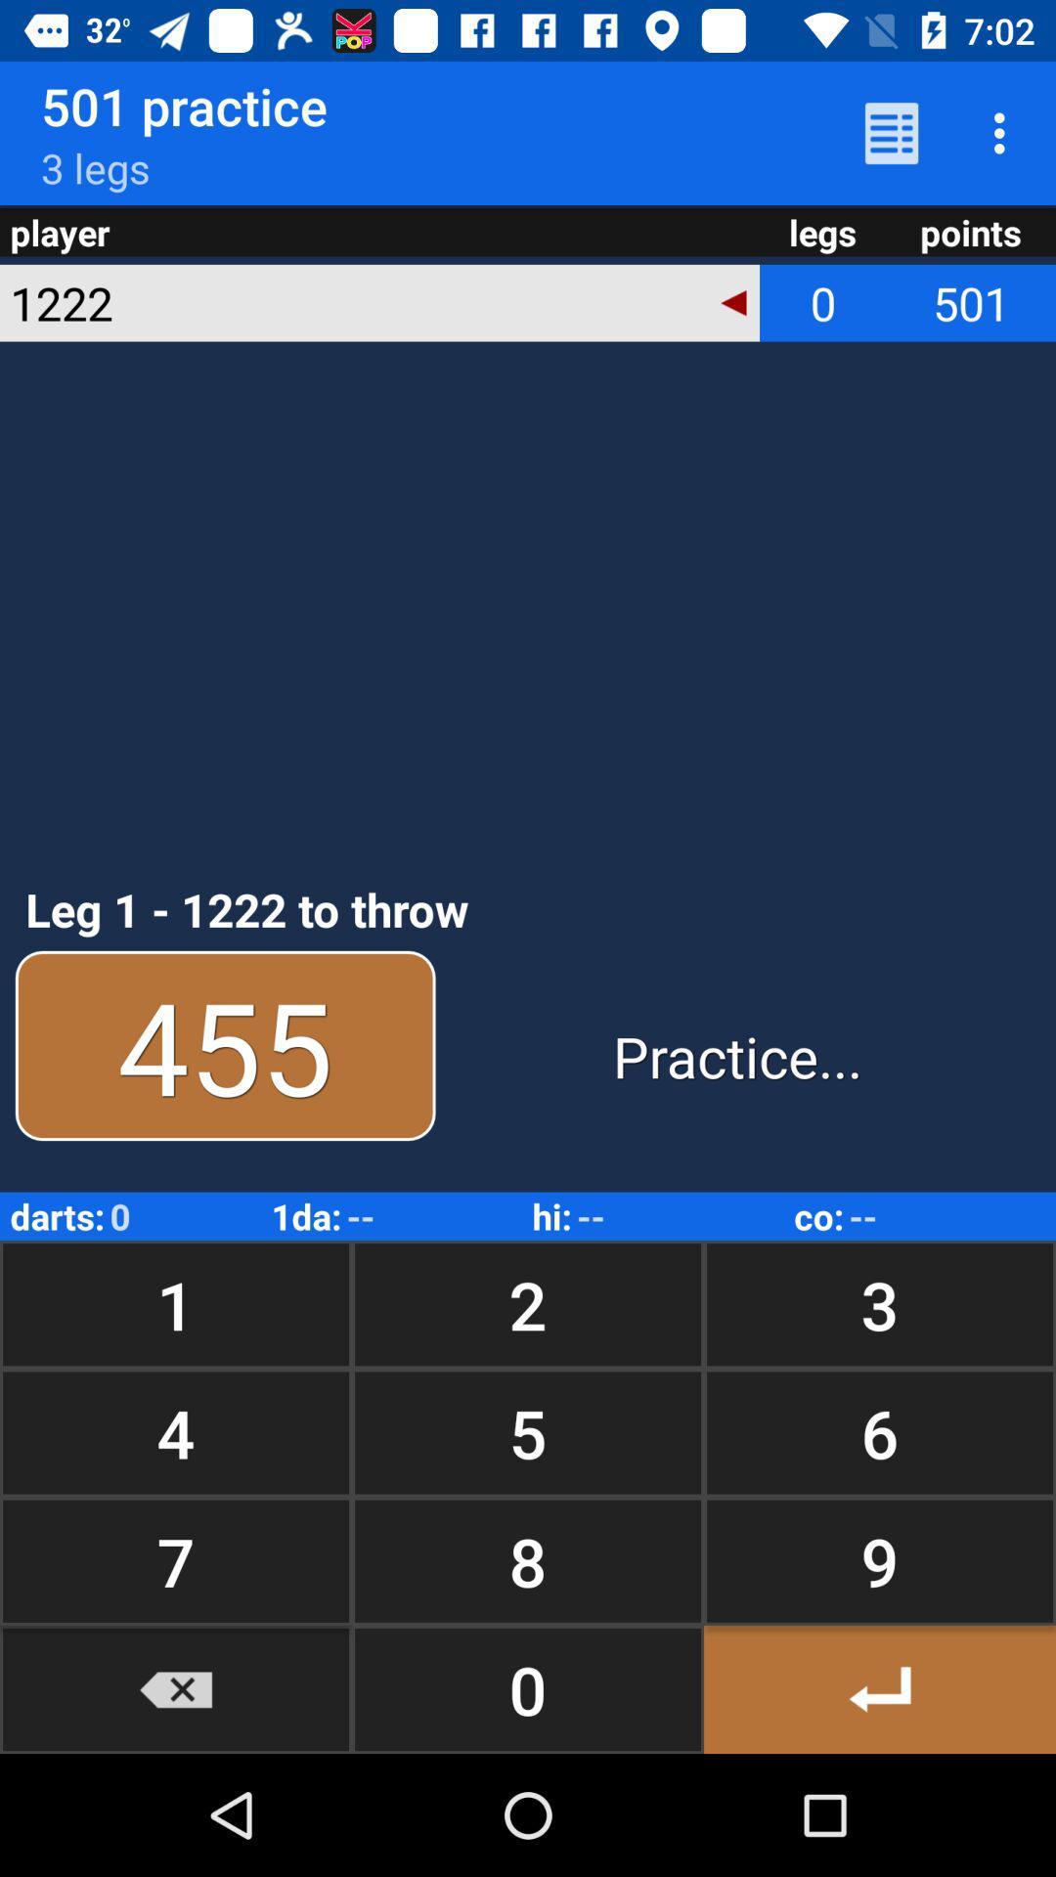  I want to click on button, so click(878, 1688).